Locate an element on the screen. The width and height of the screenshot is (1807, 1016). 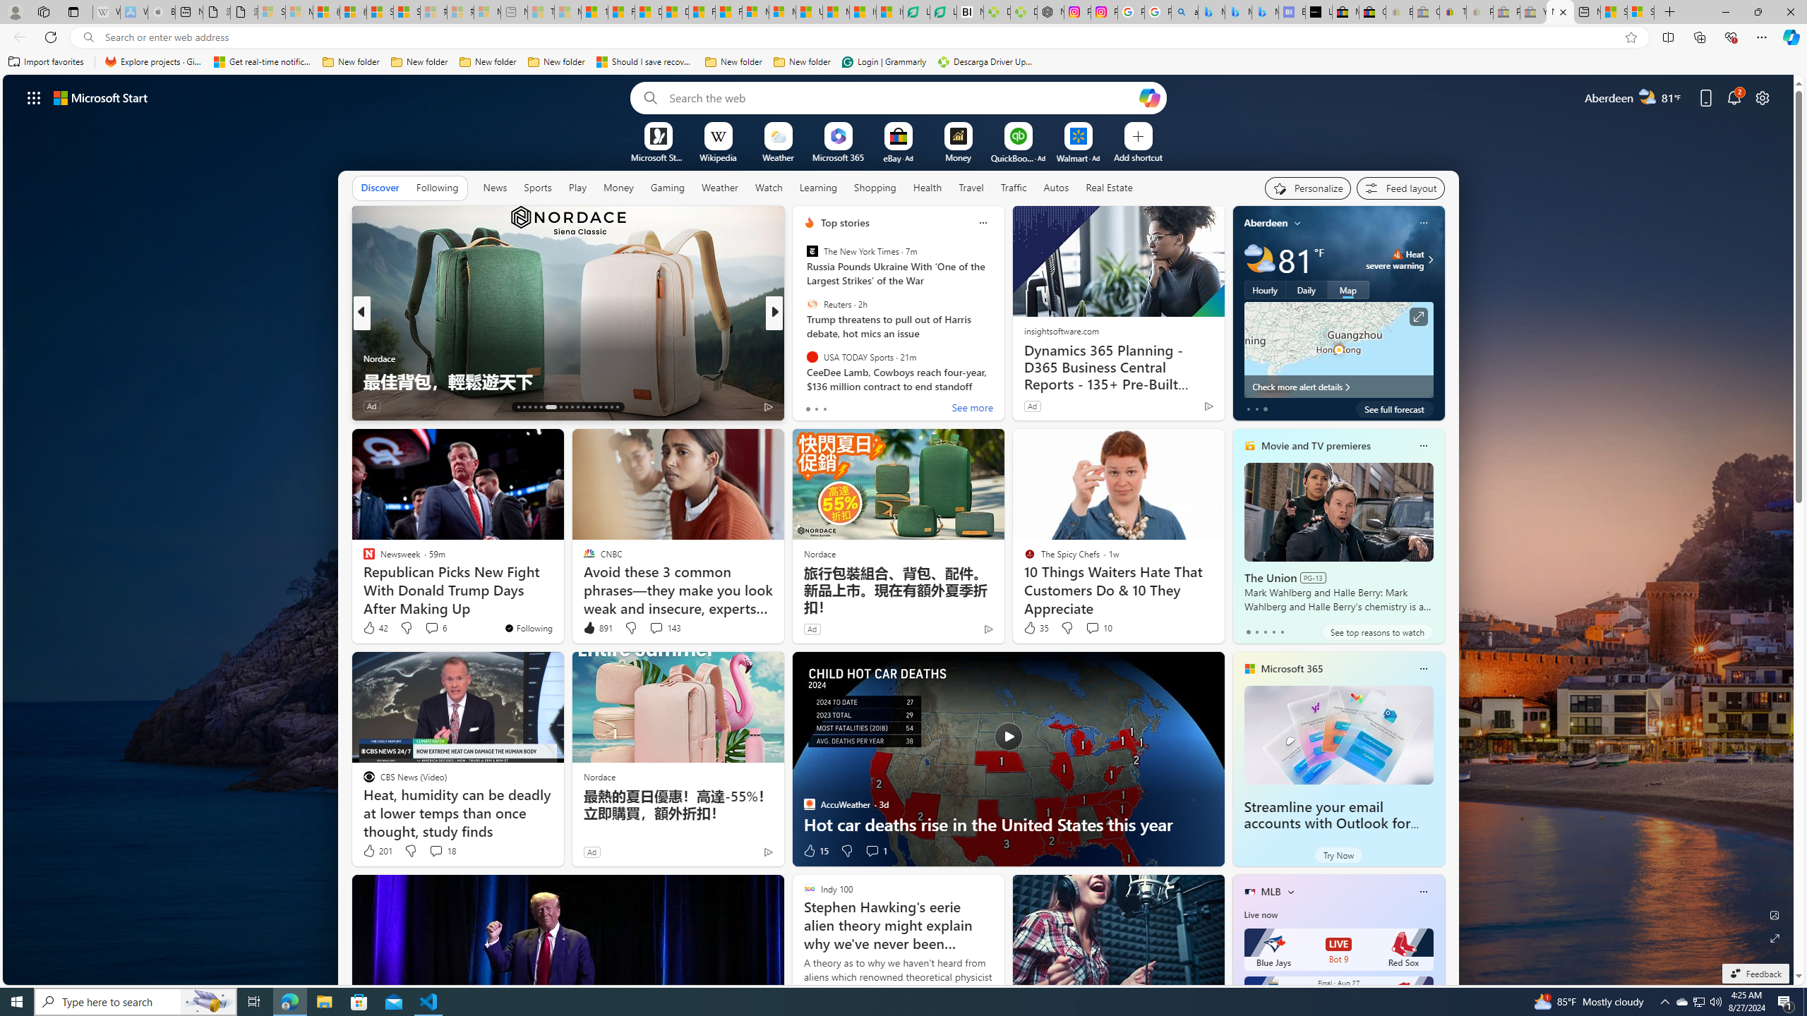
'AutomationID: tab-23' is located at coordinates (583, 407).